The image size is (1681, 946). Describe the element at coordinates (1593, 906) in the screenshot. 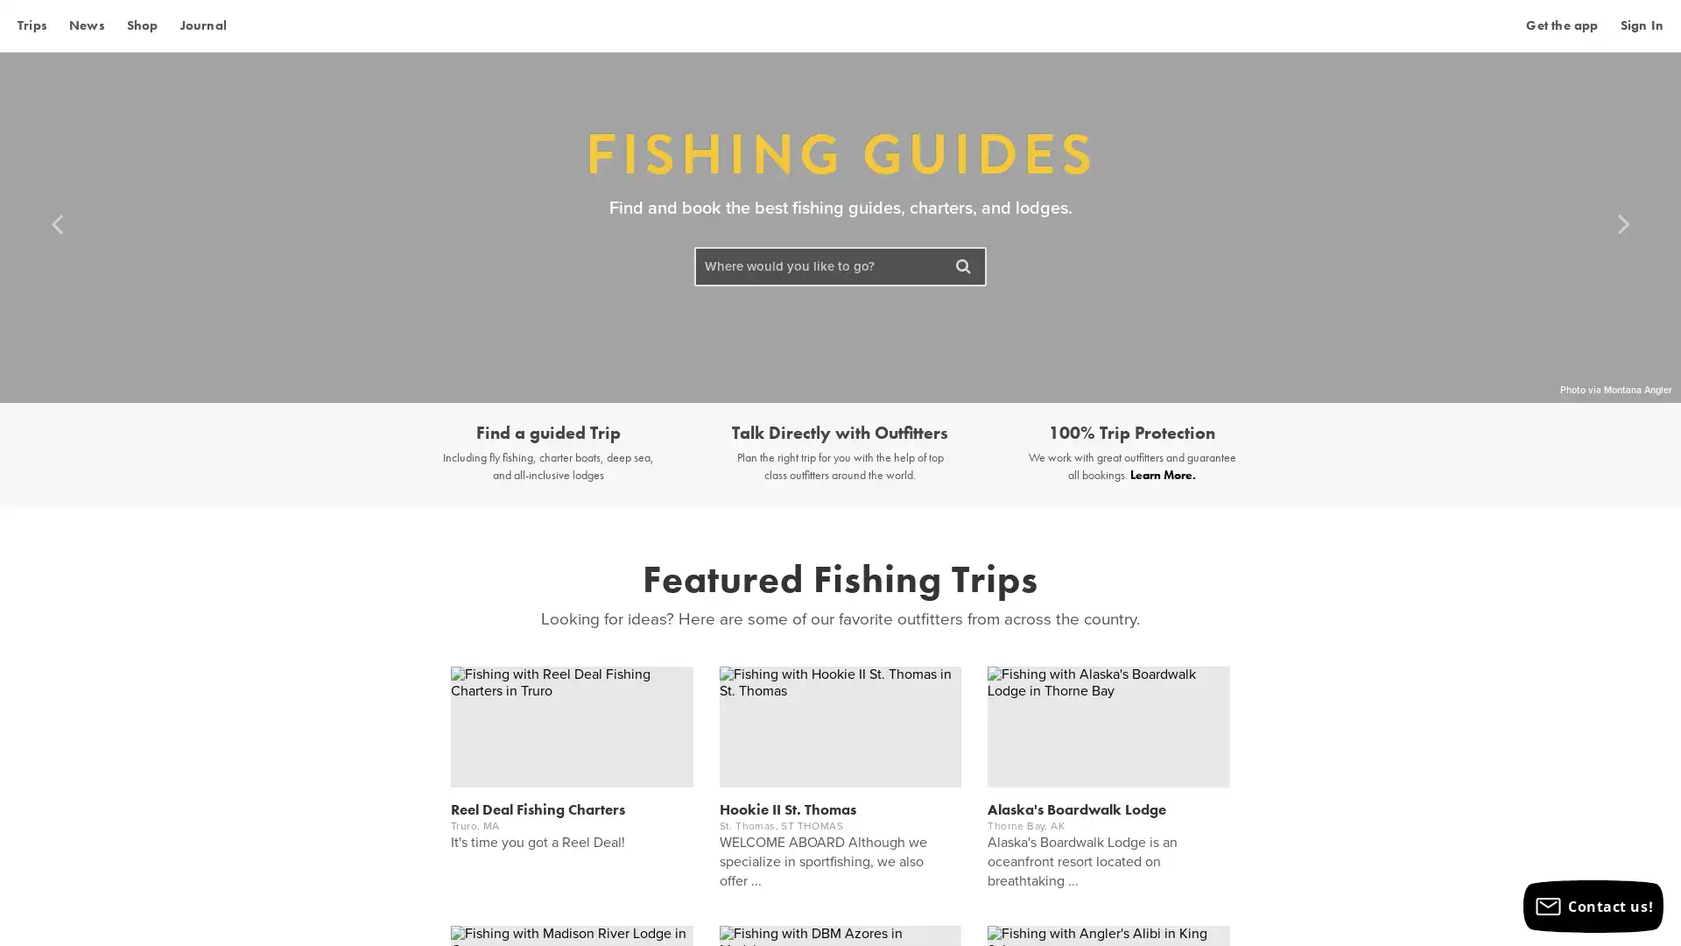

I see `Contact us!` at that location.